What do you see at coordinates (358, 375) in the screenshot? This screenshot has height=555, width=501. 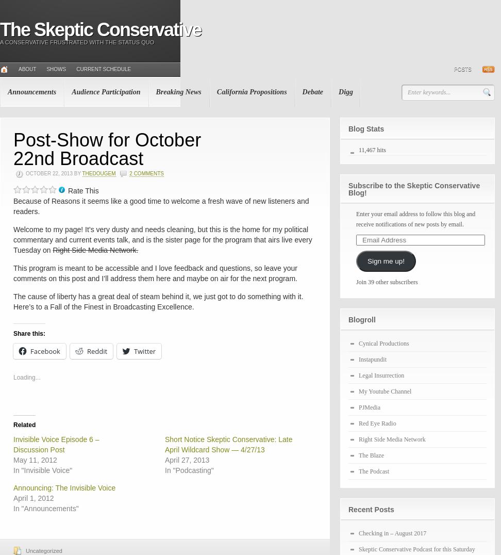 I see `'Legal Insurrection'` at bounding box center [358, 375].